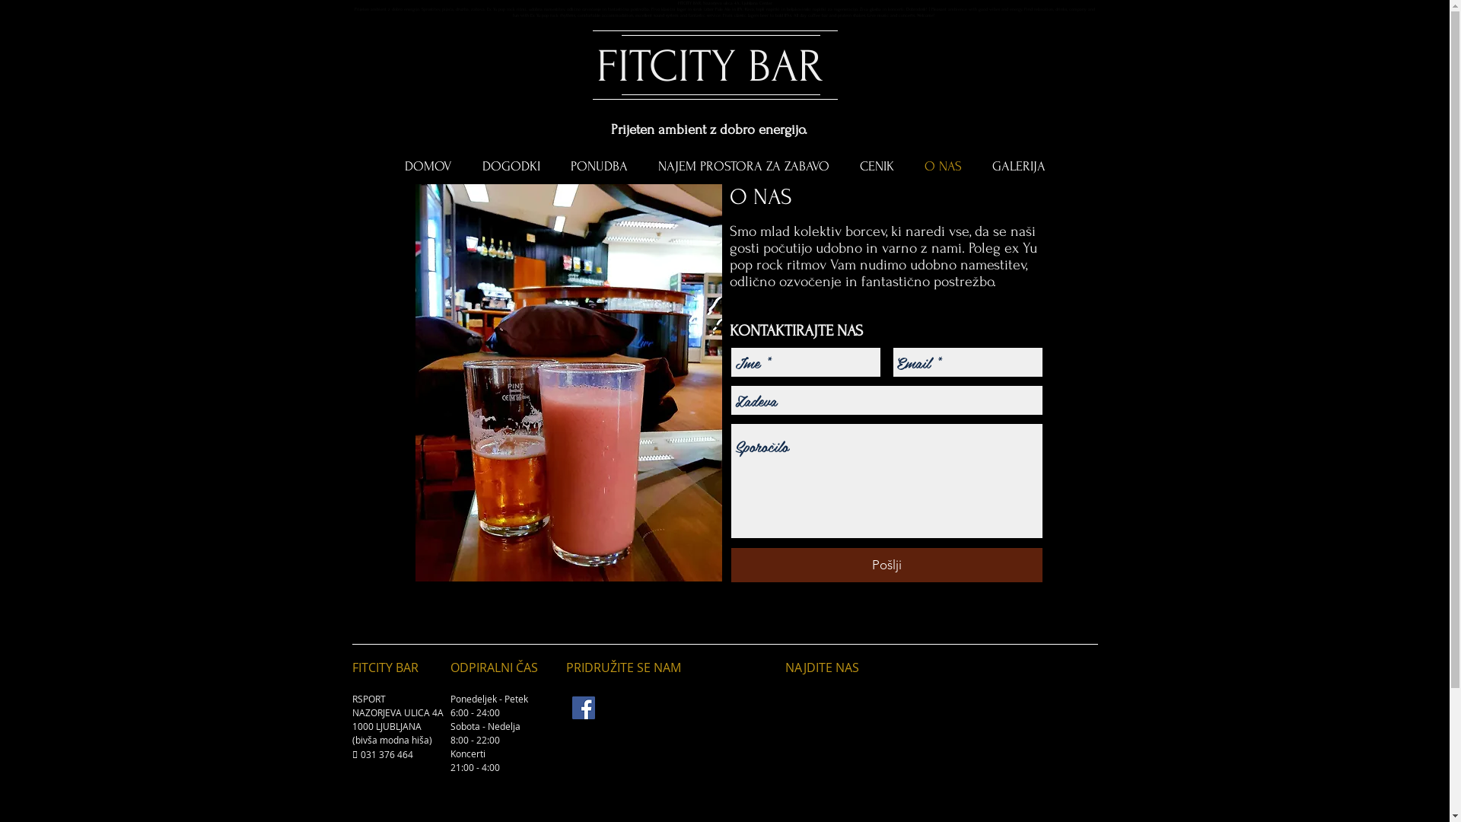 This screenshot has height=822, width=1461. I want to click on 'GALERIJA', so click(976, 167).